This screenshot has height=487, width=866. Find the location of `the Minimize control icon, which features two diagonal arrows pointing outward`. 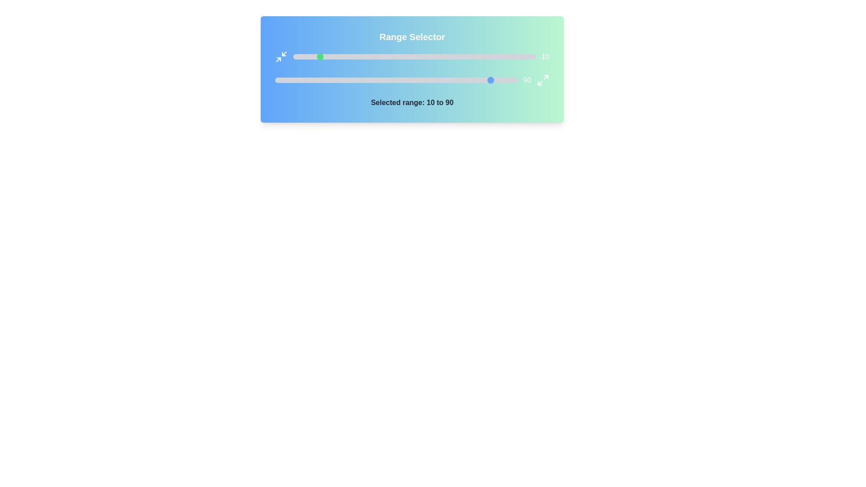

the Minimize control icon, which features two diagonal arrows pointing outward is located at coordinates (281, 57).